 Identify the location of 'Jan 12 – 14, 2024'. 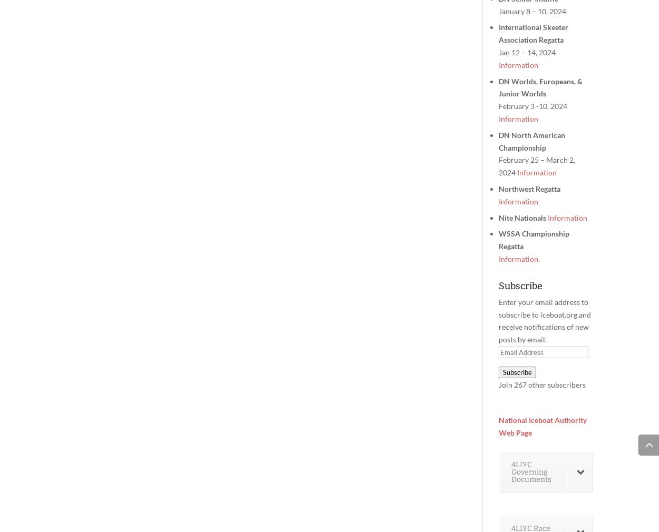
(527, 52).